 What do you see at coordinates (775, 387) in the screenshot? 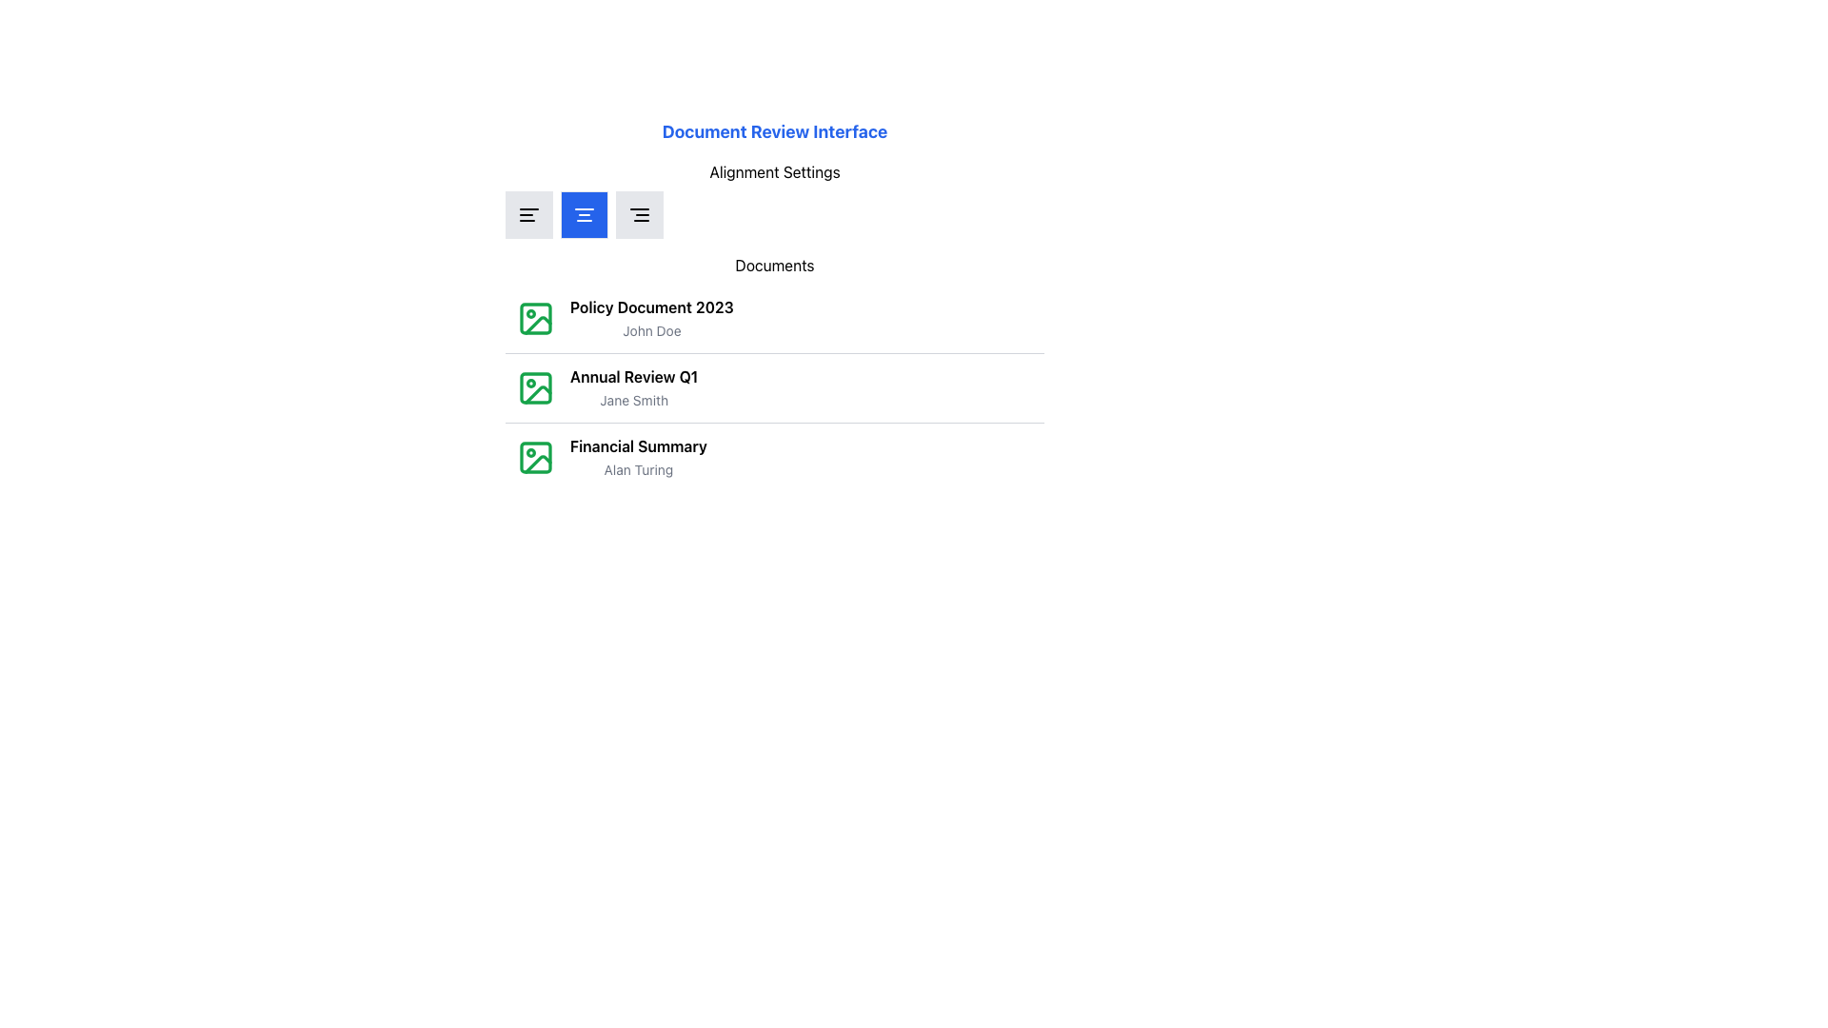
I see `the List item with the title 'Annual Review Q1' and subtitle 'Jane Smith', which is the second item under 'Documents'` at bounding box center [775, 387].